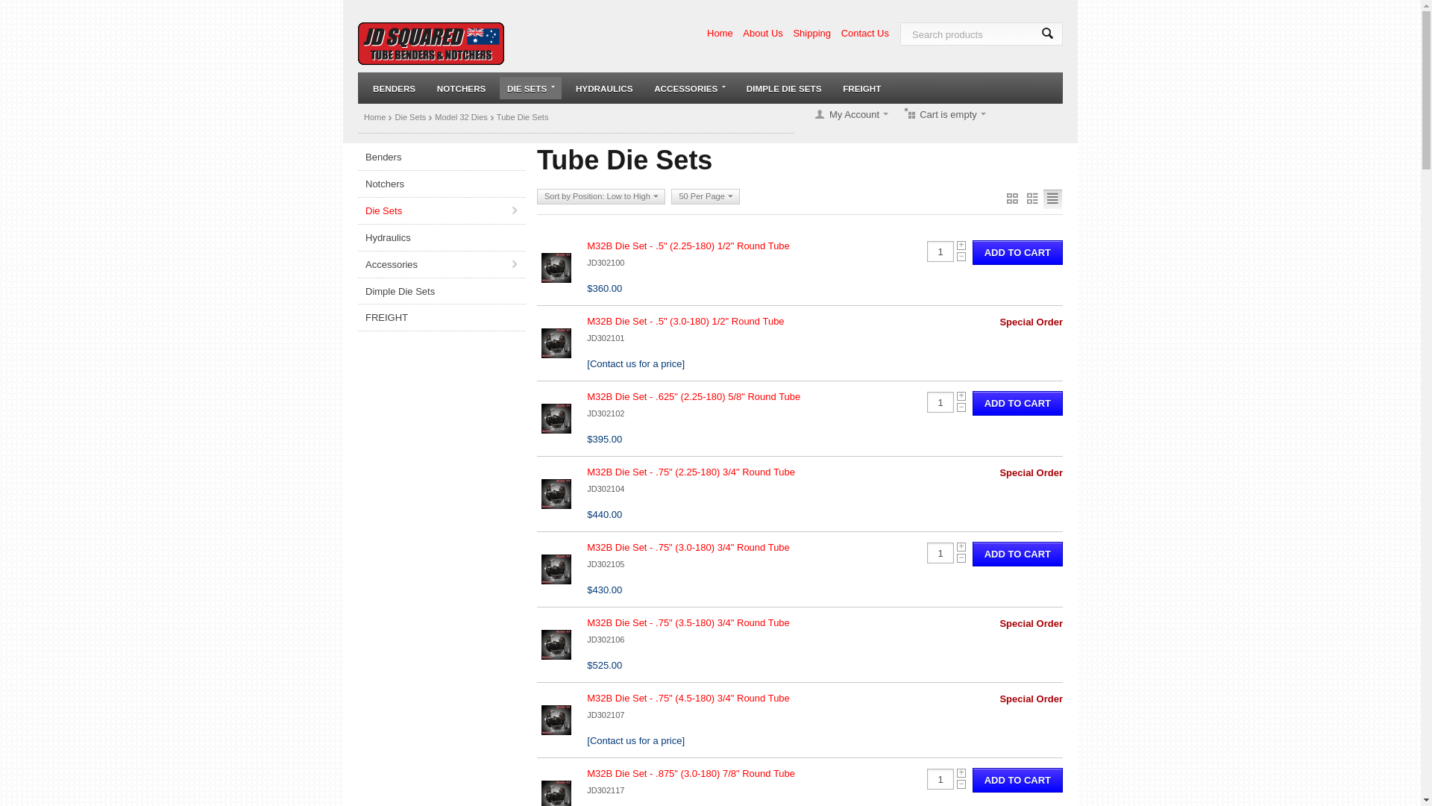  I want to click on 'FREIGHT', so click(441, 316).